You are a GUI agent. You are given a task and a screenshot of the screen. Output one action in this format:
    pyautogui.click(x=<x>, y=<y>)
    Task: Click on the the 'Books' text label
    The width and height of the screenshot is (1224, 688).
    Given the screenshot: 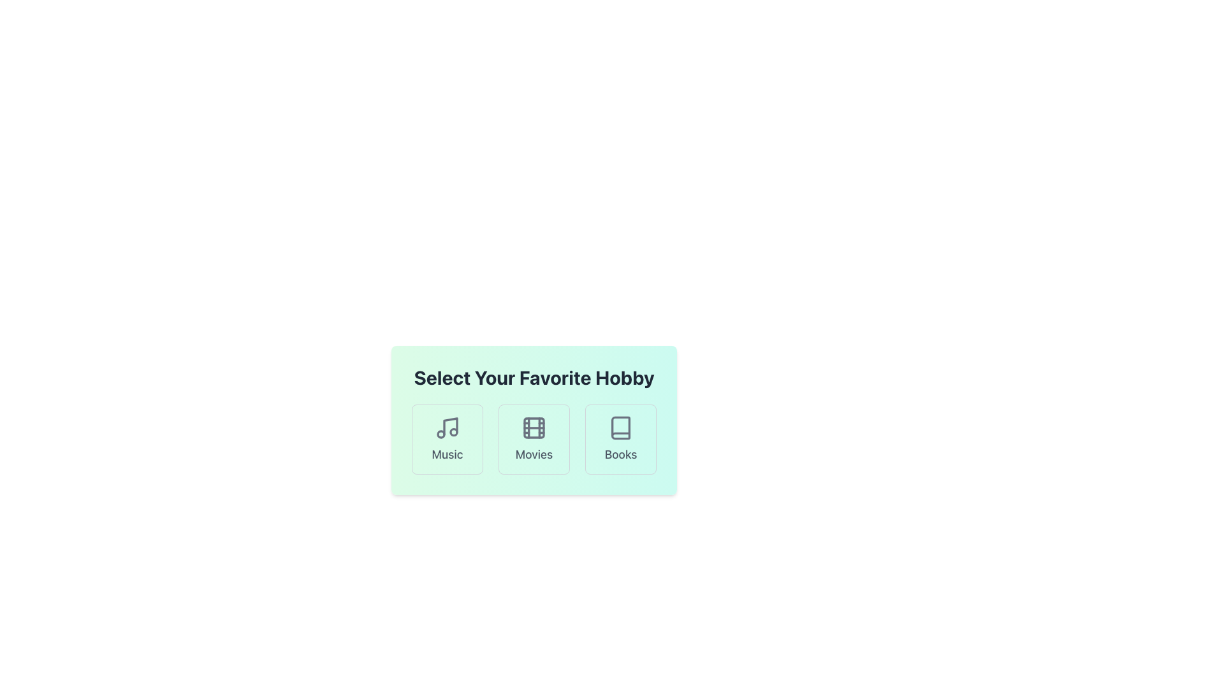 What is the action you would take?
    pyautogui.click(x=621, y=454)
    